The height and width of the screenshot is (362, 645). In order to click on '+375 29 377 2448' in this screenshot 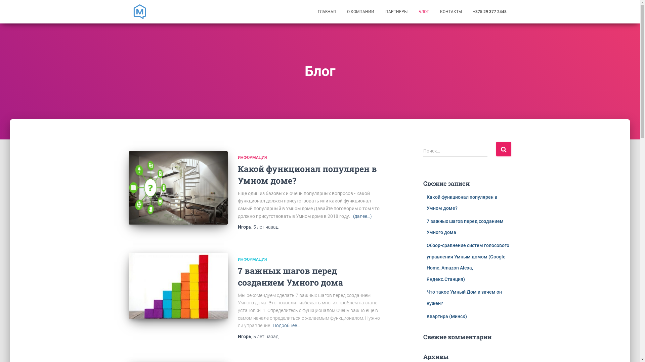, I will do `click(489, 11)`.